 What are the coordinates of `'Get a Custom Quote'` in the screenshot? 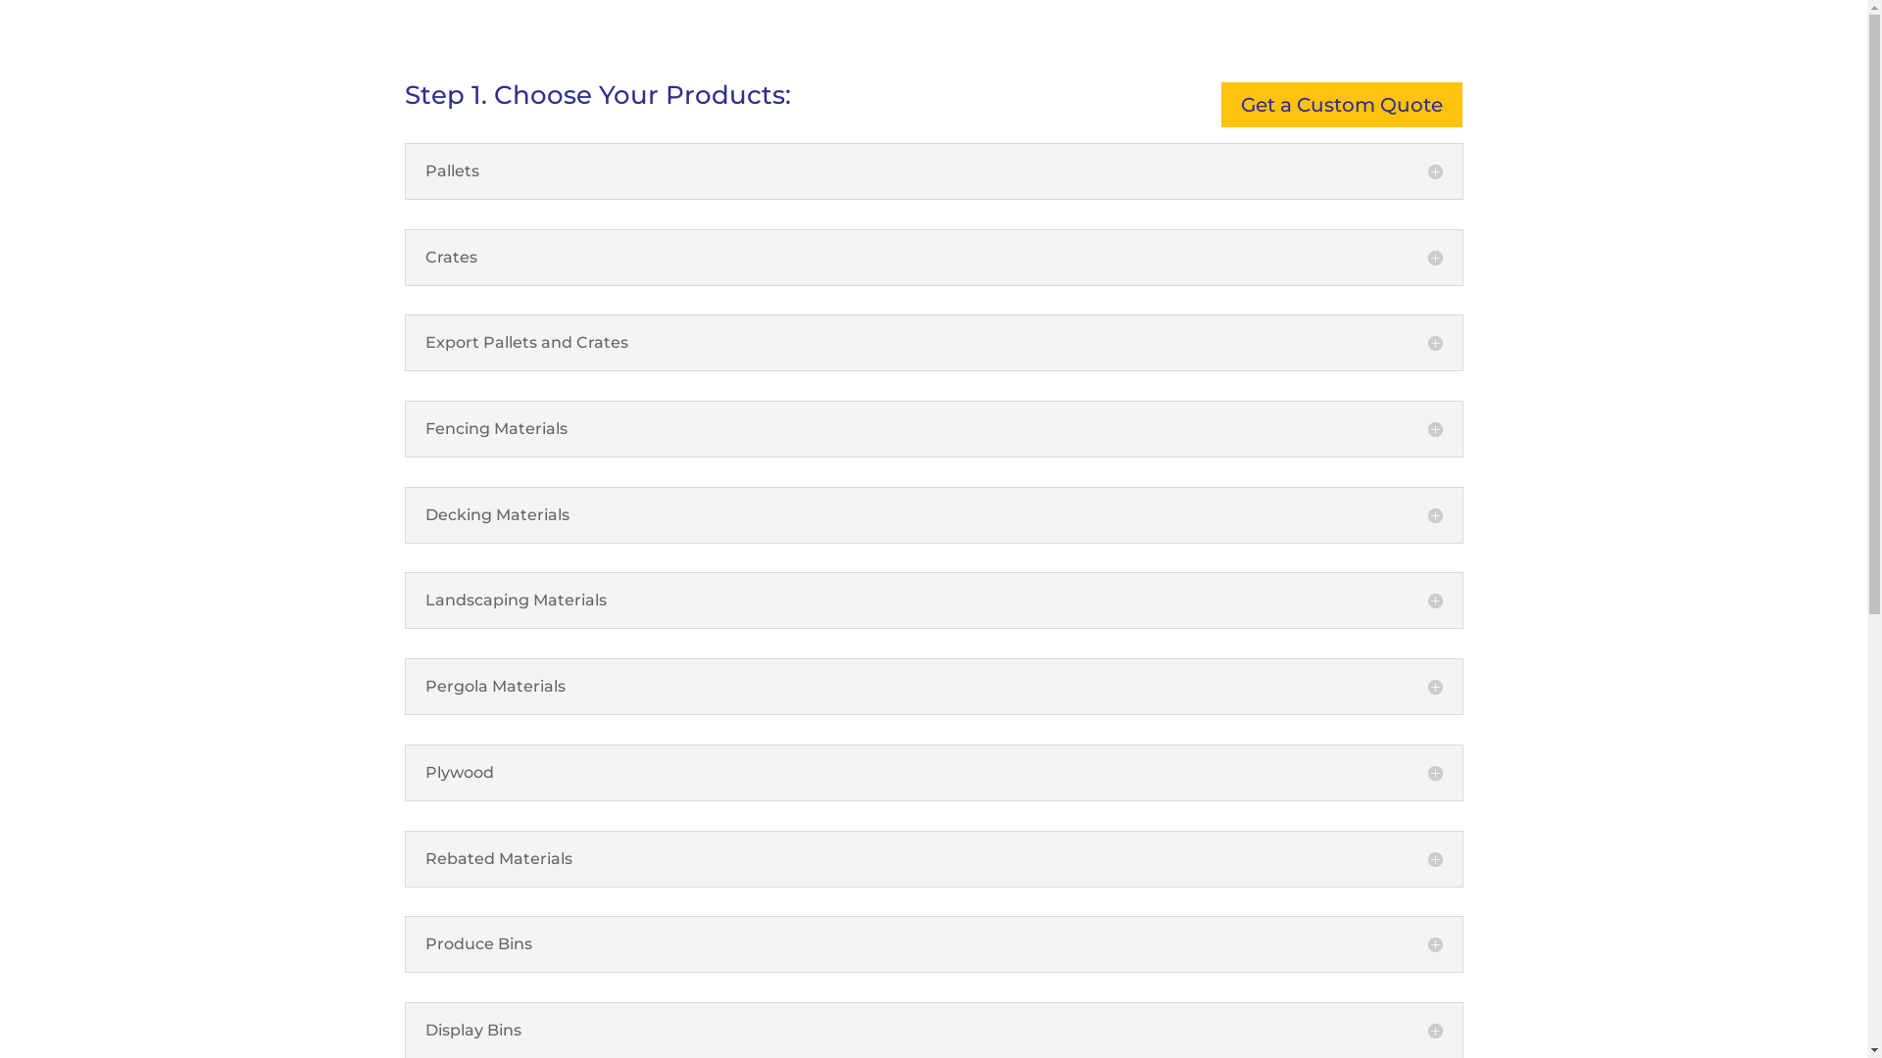 It's located at (1340, 105).